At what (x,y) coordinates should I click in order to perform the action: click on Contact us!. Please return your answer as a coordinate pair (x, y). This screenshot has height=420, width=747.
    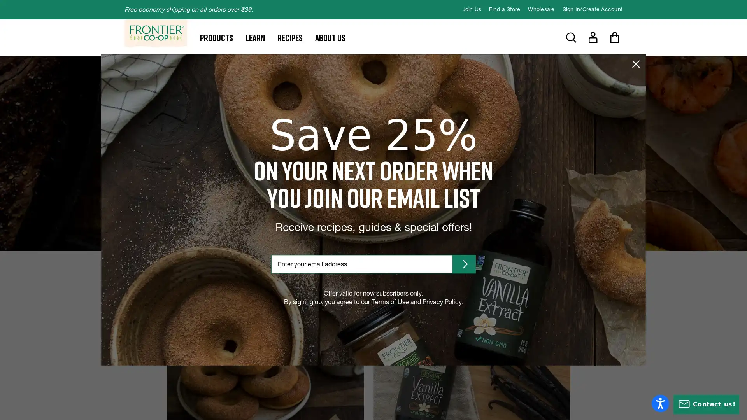
    Looking at the image, I should click on (706, 404).